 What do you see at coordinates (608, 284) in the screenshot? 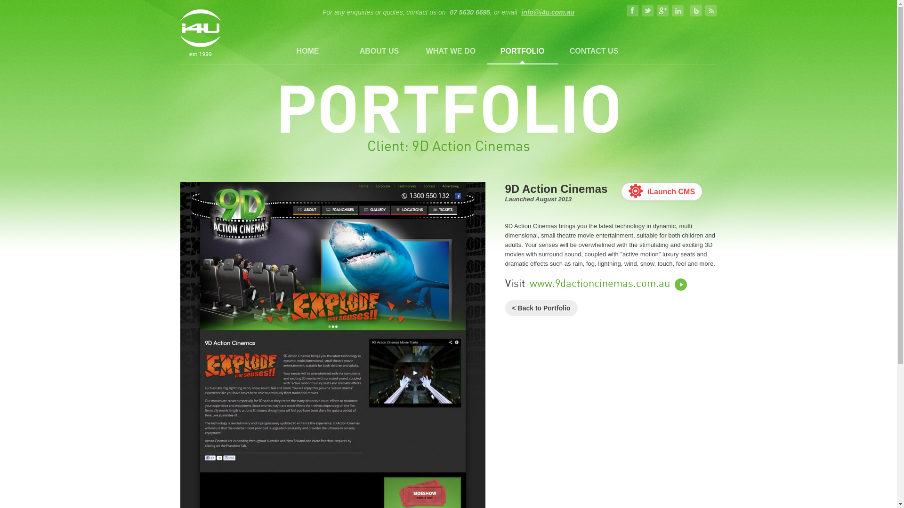
I see `'www.9dactioncinemas.com.au  '` at bounding box center [608, 284].